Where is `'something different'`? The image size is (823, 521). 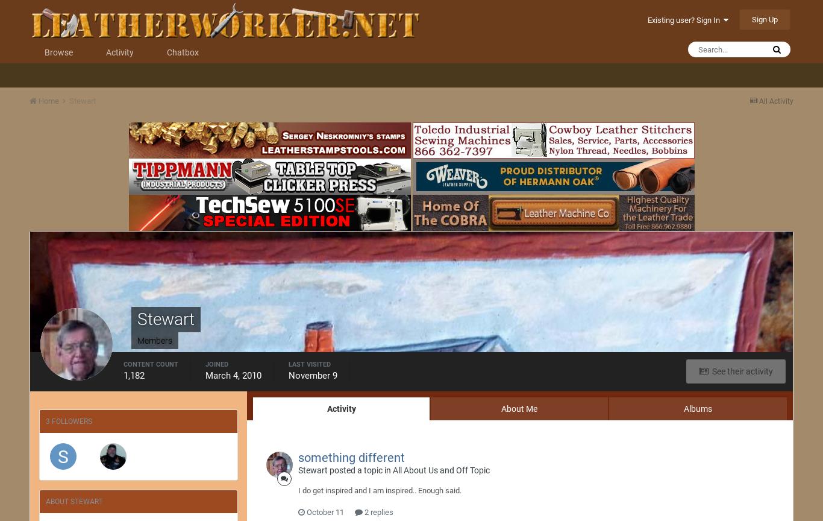
'something different' is located at coordinates (351, 457).